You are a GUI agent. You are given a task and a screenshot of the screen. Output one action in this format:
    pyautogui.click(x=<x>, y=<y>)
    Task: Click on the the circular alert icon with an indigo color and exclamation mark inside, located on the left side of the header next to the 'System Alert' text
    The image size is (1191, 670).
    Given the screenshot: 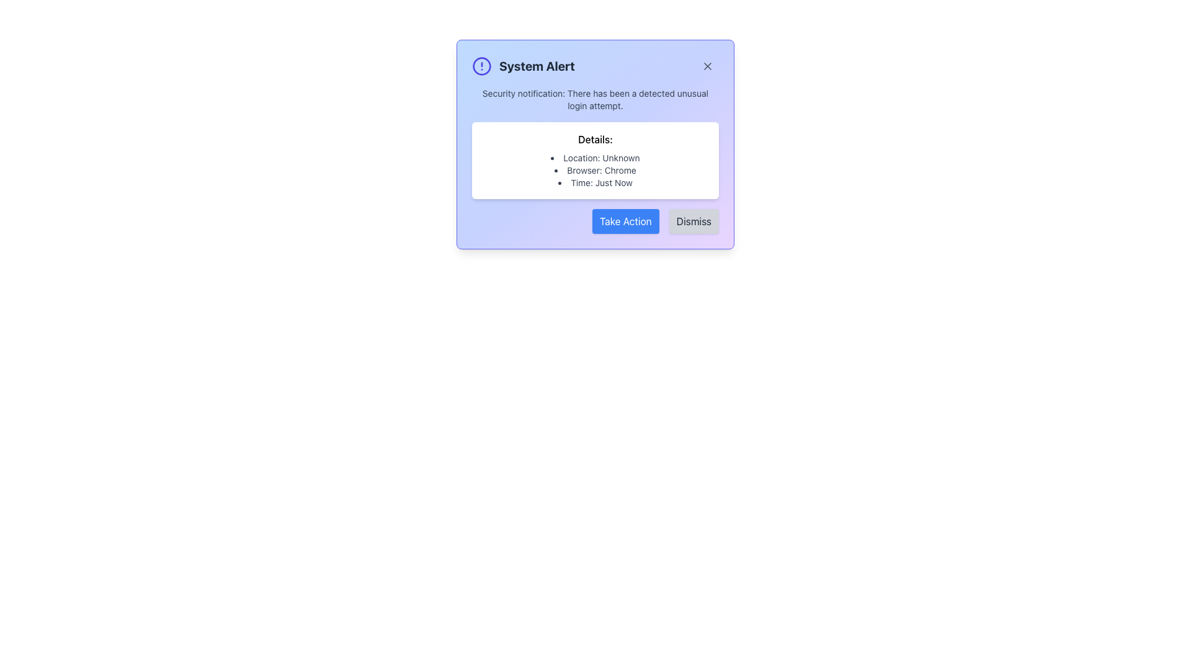 What is the action you would take?
    pyautogui.click(x=481, y=66)
    